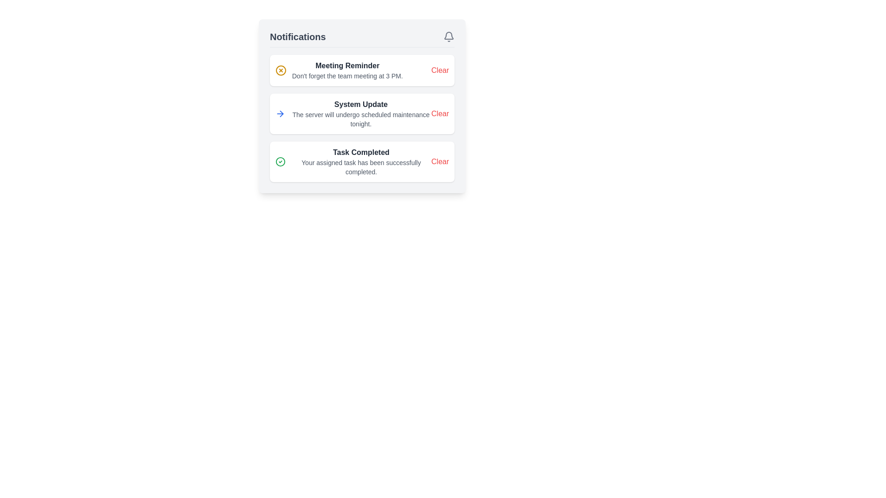  Describe the element at coordinates (360, 119) in the screenshot. I see `the text element displaying 'The server will undergo scheduled maintenance tonight.' which is styled in light gray and positioned below the bold title 'System Update.'` at that location.